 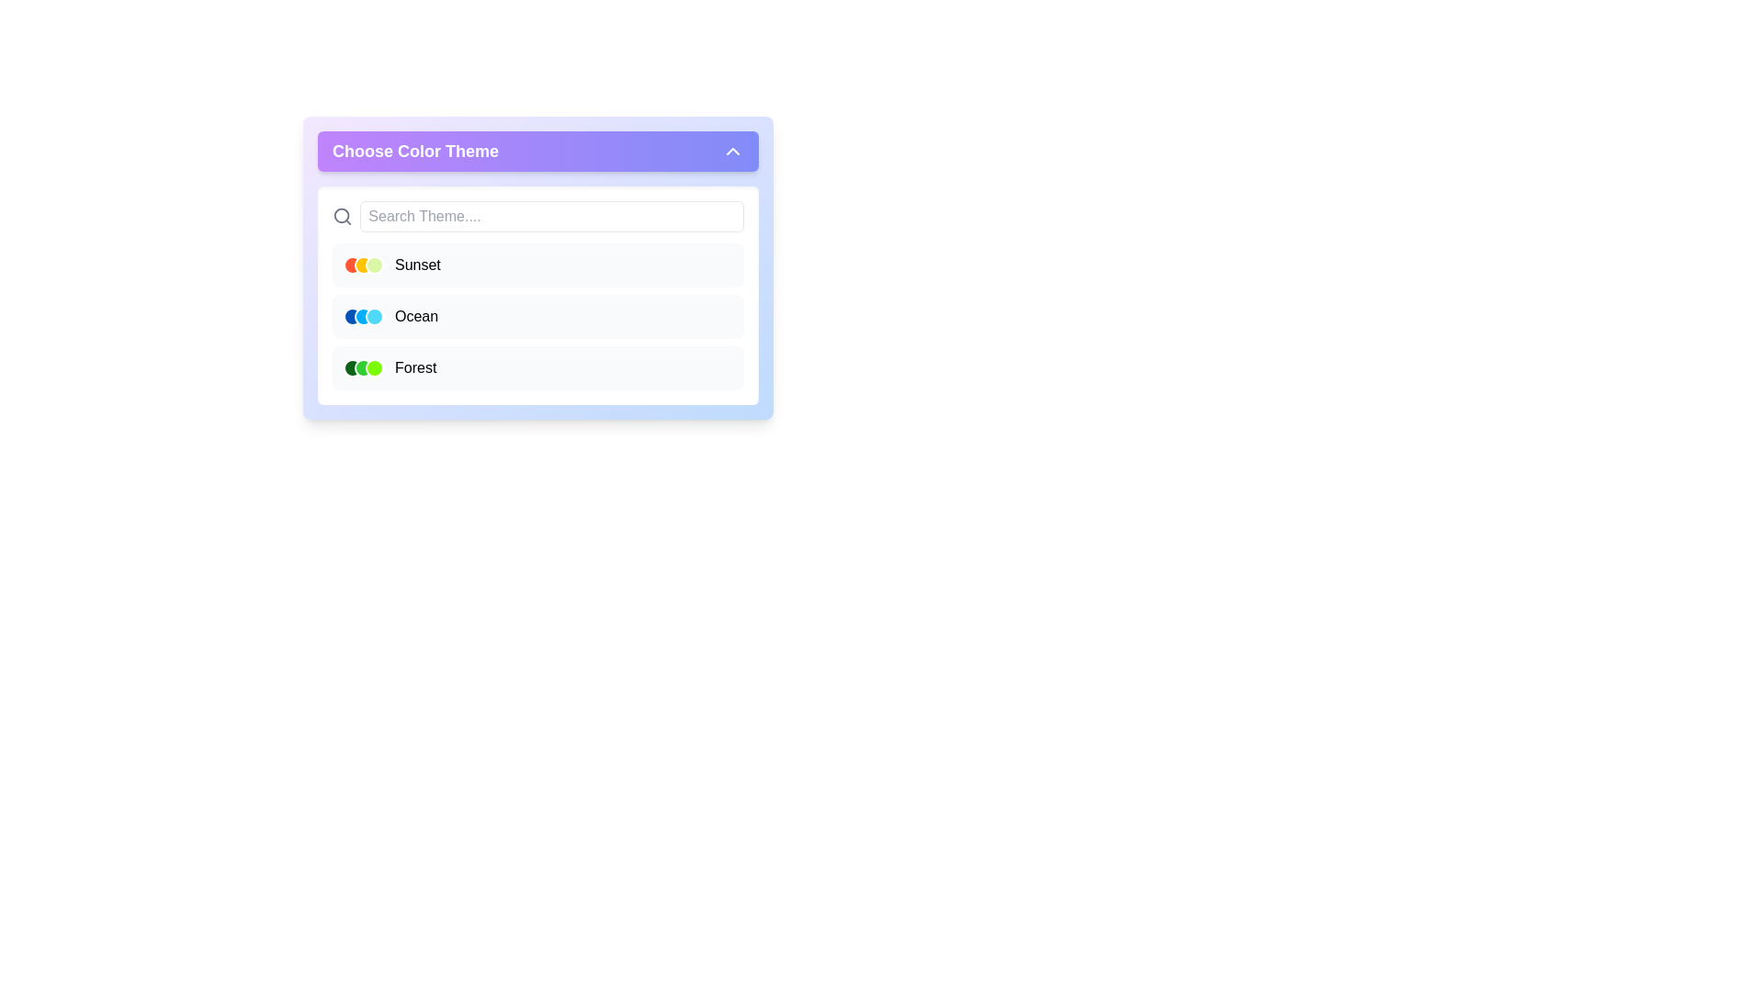 What do you see at coordinates (416, 265) in the screenshot?
I see `text label displaying the word 'Sunset', which is positioned to the right of three circular color icons in the first row of the color theme options` at bounding box center [416, 265].